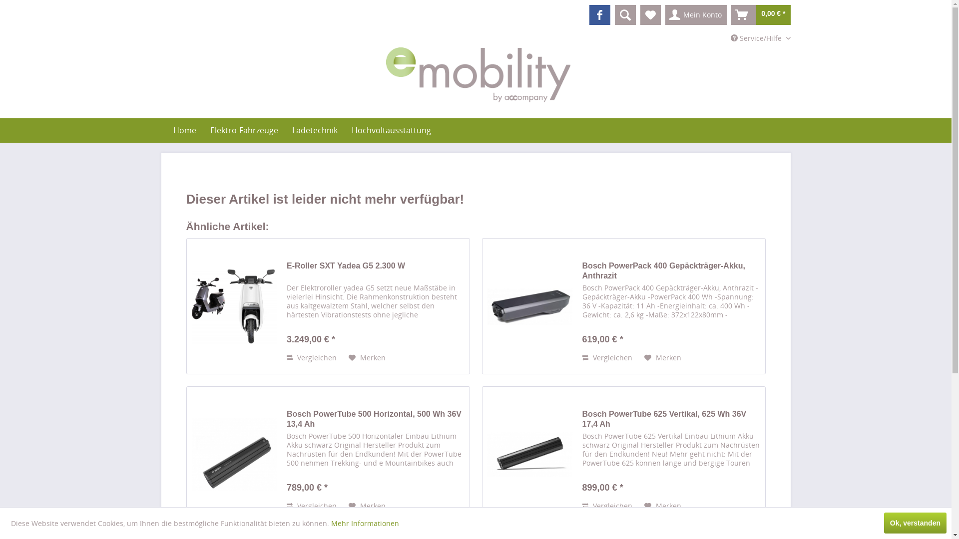 Image resolution: width=959 pixels, height=539 pixels. Describe the element at coordinates (665, 15) in the screenshot. I see `'Mein Konto'` at that location.